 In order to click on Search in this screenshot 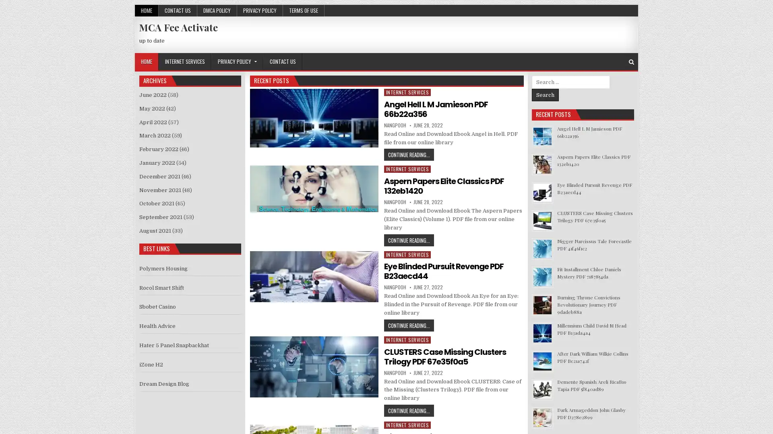, I will do `click(545, 94)`.